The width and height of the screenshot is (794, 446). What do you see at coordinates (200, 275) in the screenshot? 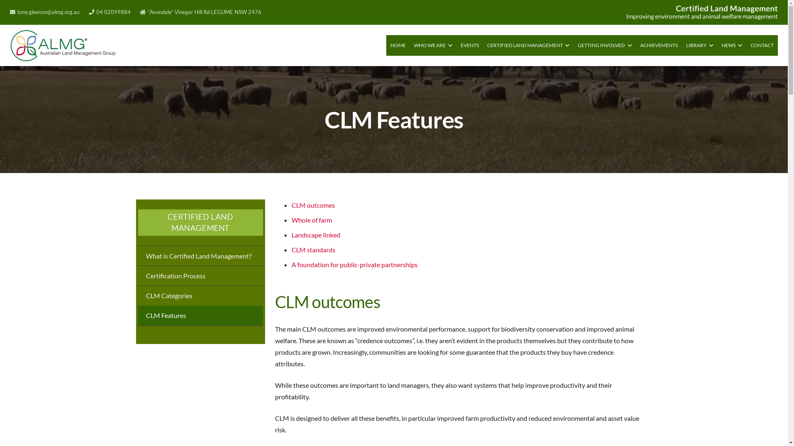
I see `'Certification Process'` at bounding box center [200, 275].